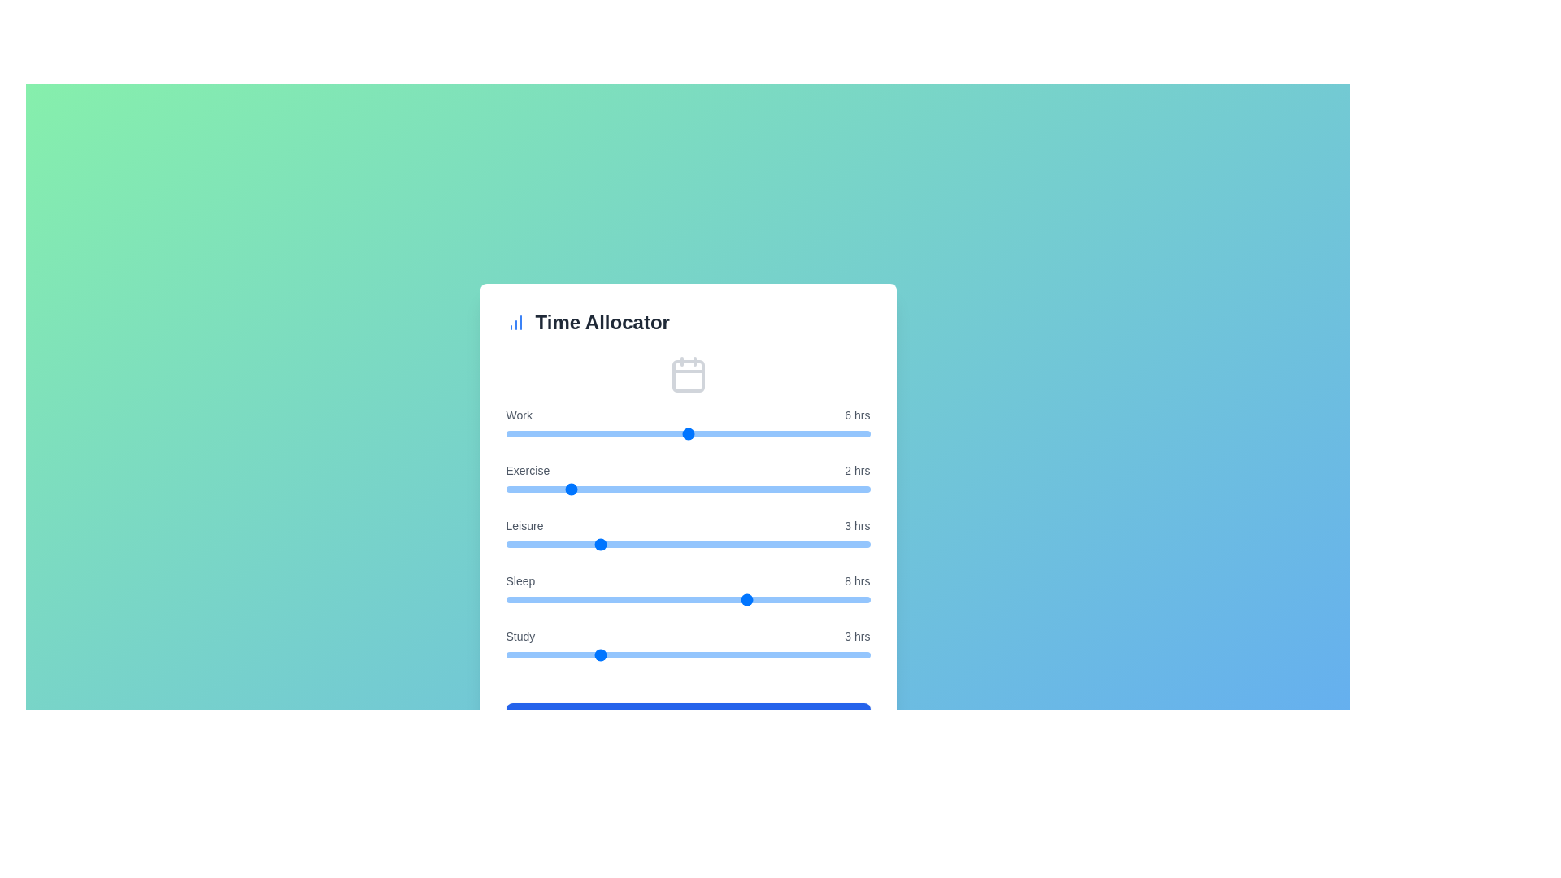 The width and height of the screenshot is (1561, 878). What do you see at coordinates (688, 718) in the screenshot?
I see `the 'Save Allocations' button to save the current state` at bounding box center [688, 718].